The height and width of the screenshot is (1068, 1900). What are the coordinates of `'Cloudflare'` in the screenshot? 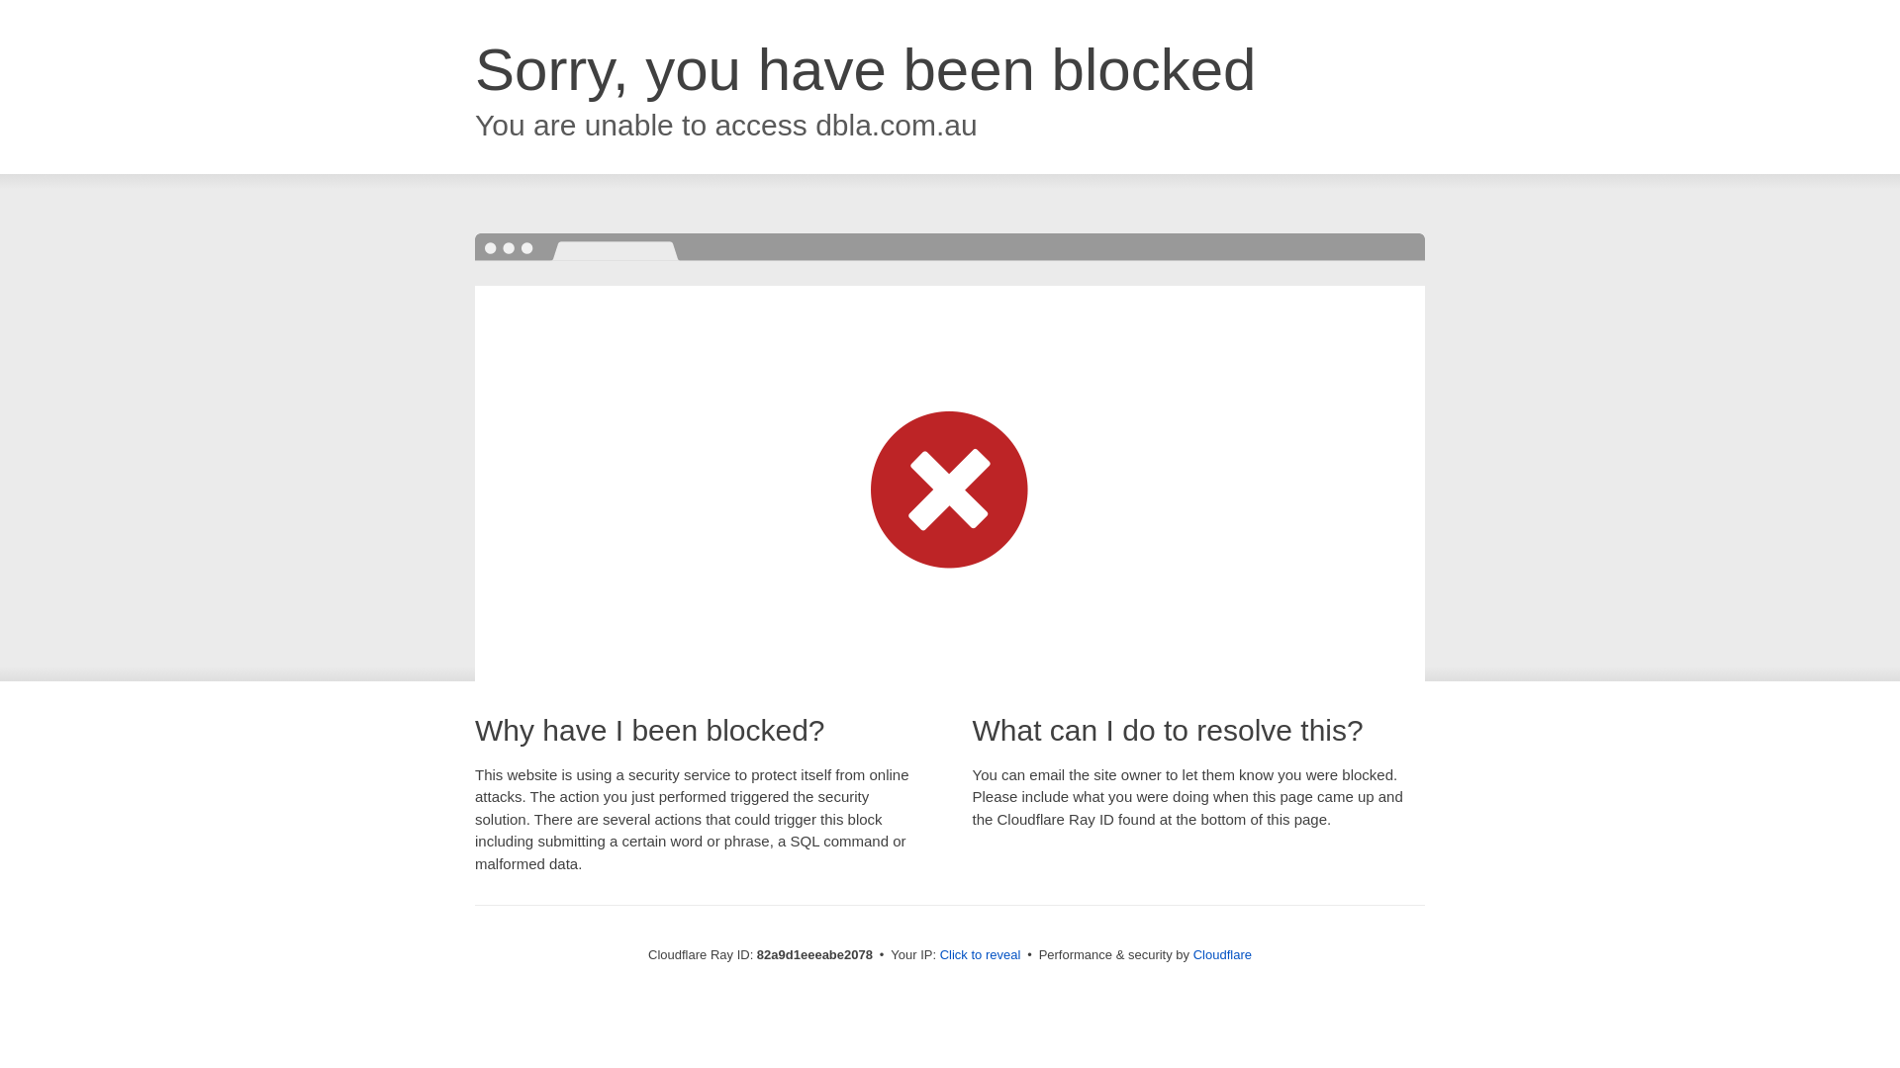 It's located at (1221, 953).